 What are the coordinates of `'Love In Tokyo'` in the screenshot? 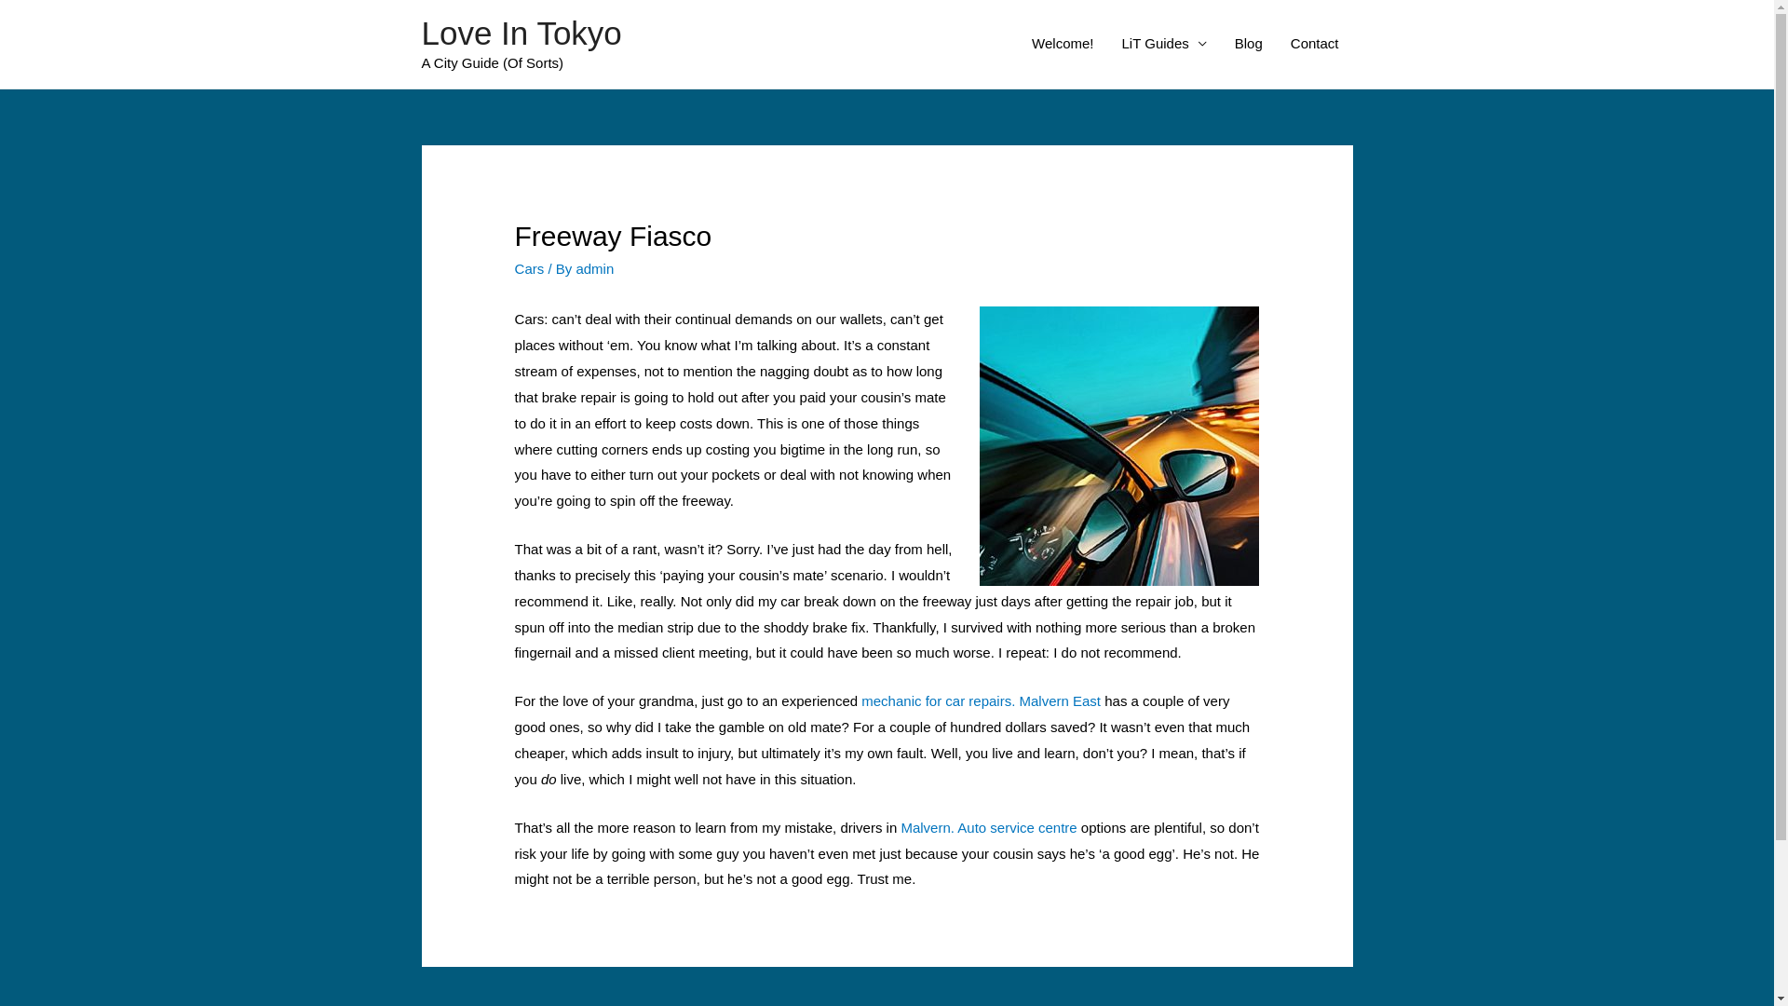 It's located at (521, 33).